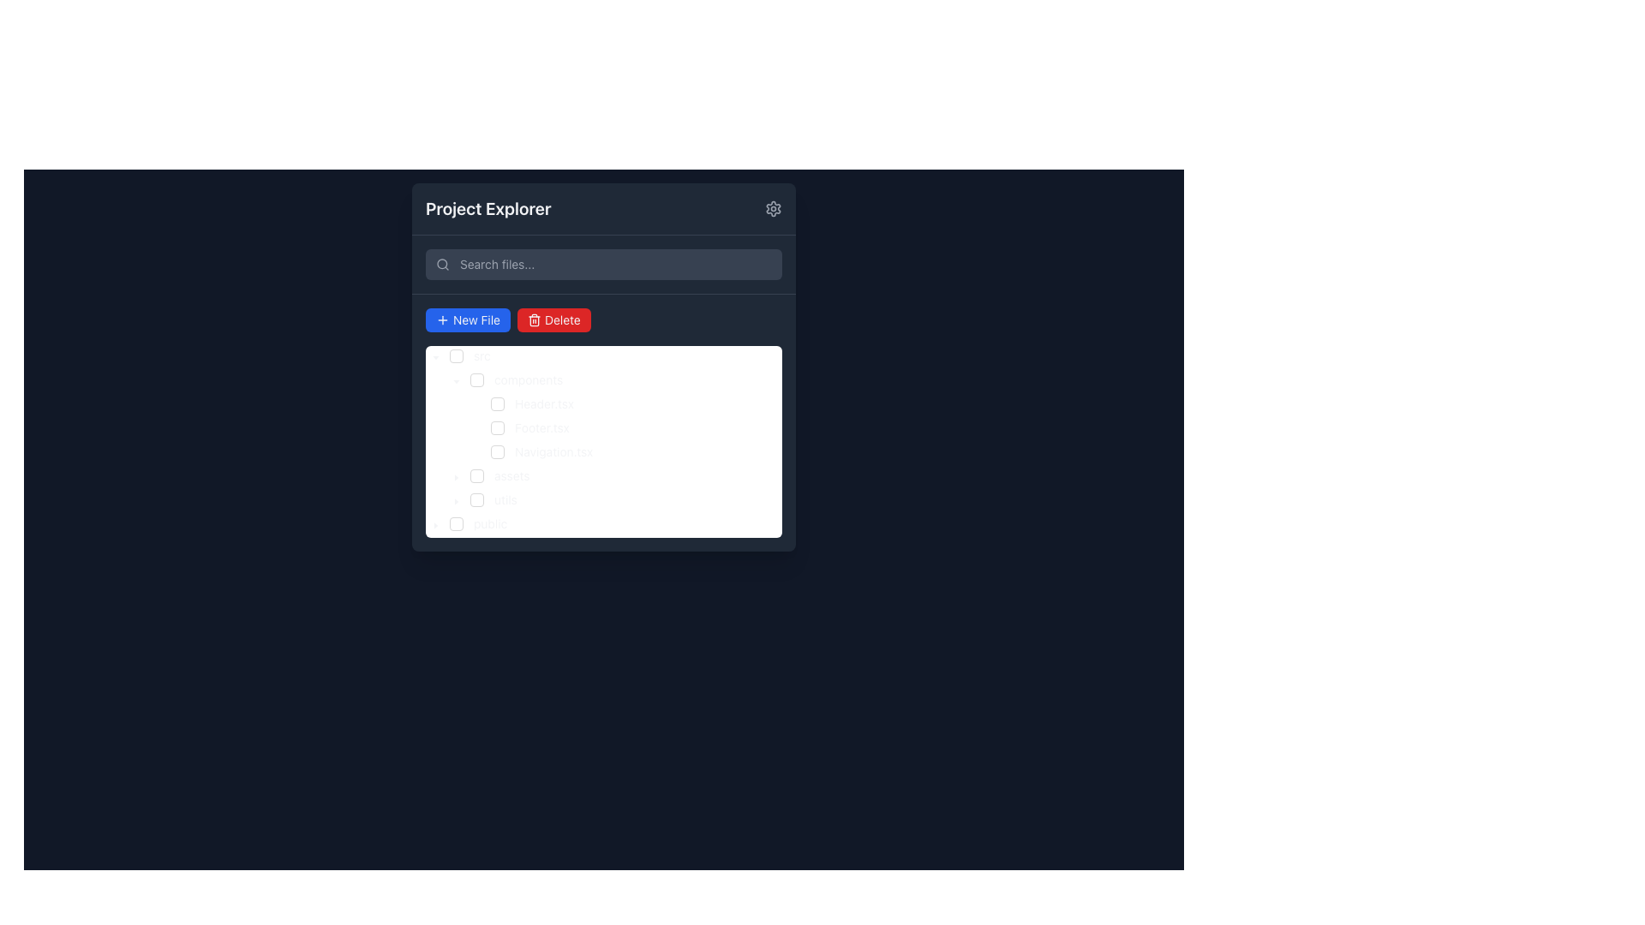 This screenshot has height=925, width=1645. Describe the element at coordinates (772, 207) in the screenshot. I see `the gear-shaped icon located in the top-right corner of the interface, next to the 'Project Explorer' panel` at that location.